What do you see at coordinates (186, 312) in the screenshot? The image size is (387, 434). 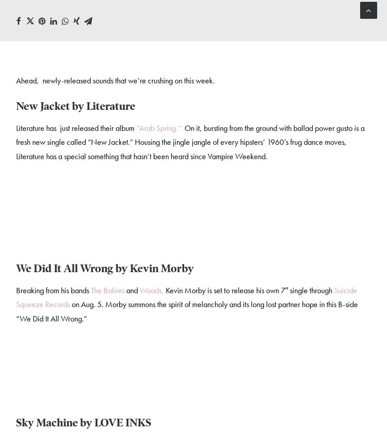 I see `'on Aug. 5. Morby summons the spirit of melancholy and its long lost partner hope in this B-side “We Did It All Wrong.”'` at bounding box center [186, 312].